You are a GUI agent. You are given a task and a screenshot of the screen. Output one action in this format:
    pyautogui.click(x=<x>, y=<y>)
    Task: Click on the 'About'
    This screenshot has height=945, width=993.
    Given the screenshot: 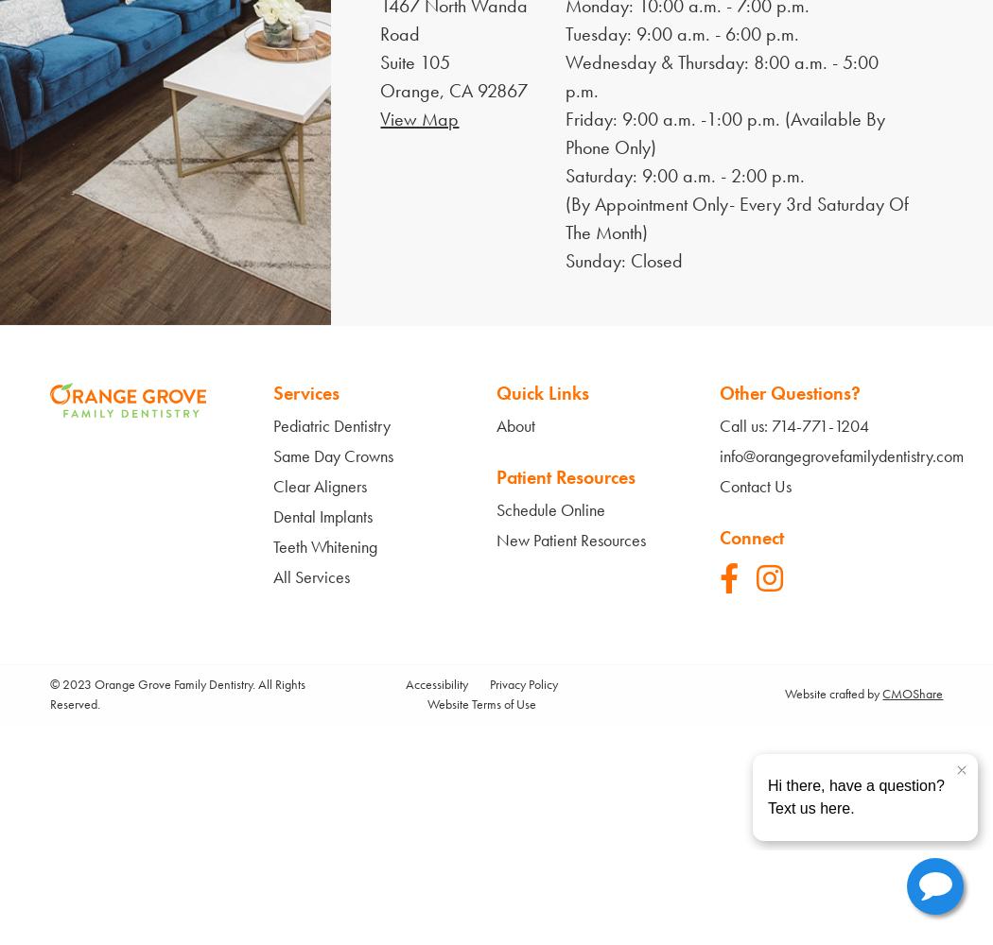 What is the action you would take?
    pyautogui.click(x=515, y=423)
    